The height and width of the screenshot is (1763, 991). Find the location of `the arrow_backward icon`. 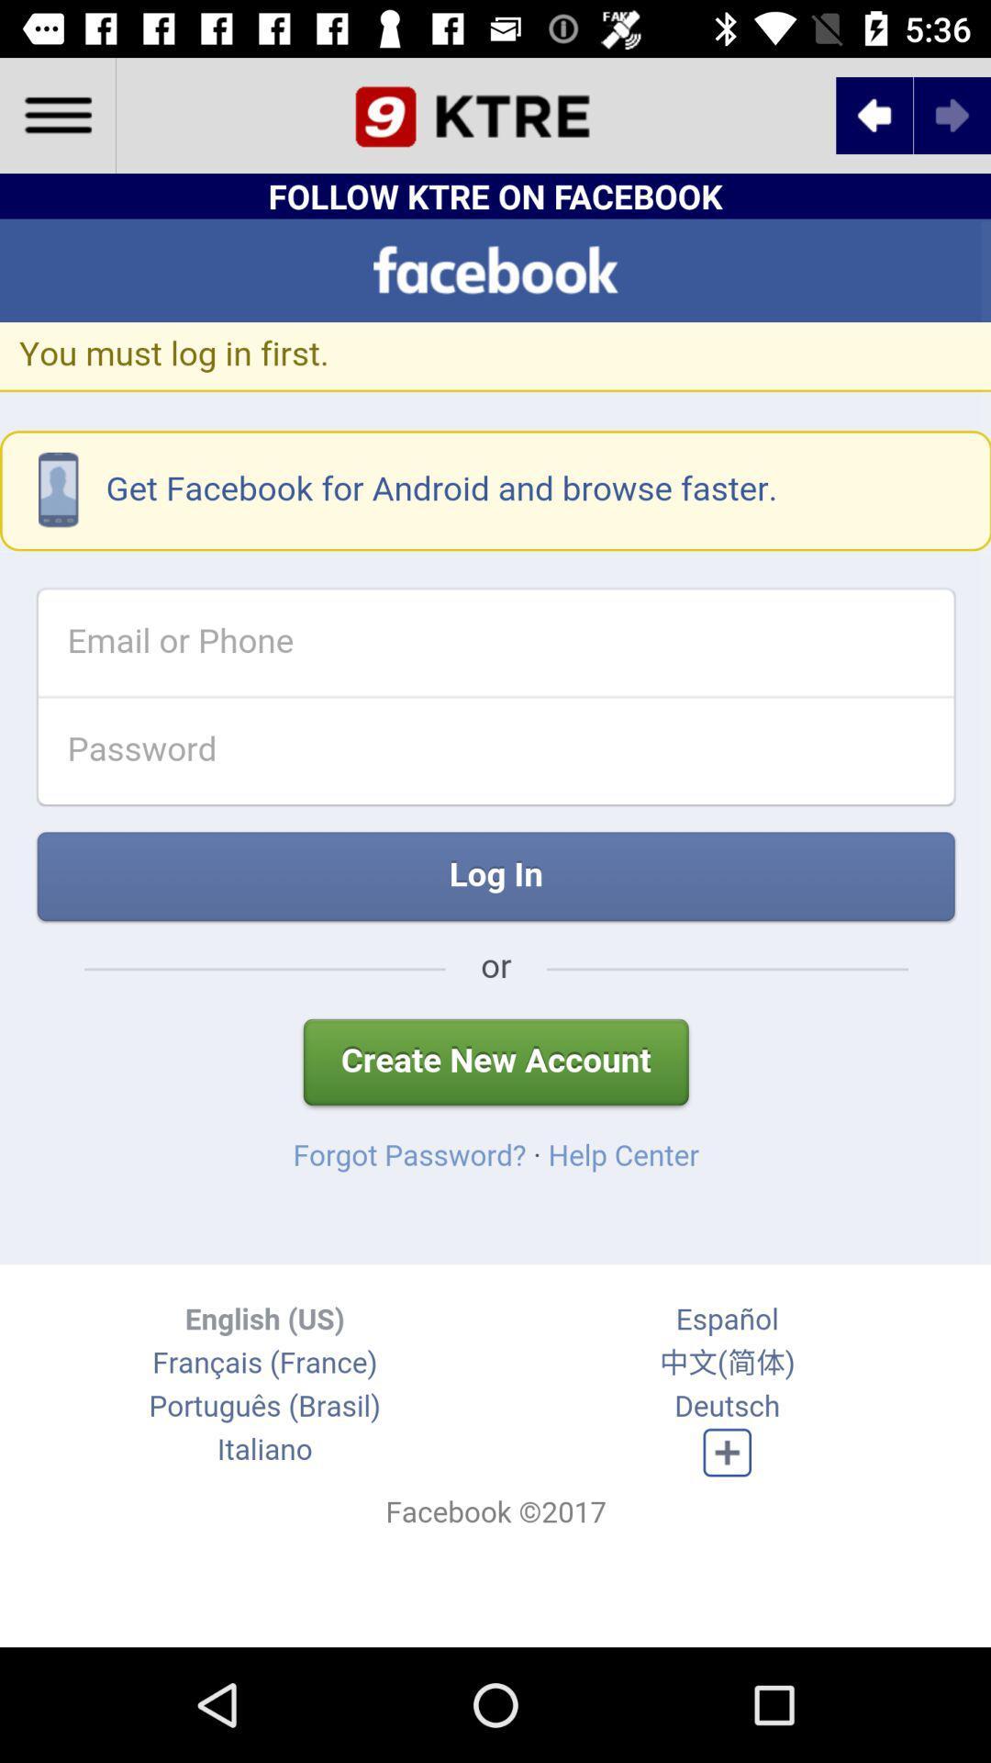

the arrow_backward icon is located at coordinates (874, 114).